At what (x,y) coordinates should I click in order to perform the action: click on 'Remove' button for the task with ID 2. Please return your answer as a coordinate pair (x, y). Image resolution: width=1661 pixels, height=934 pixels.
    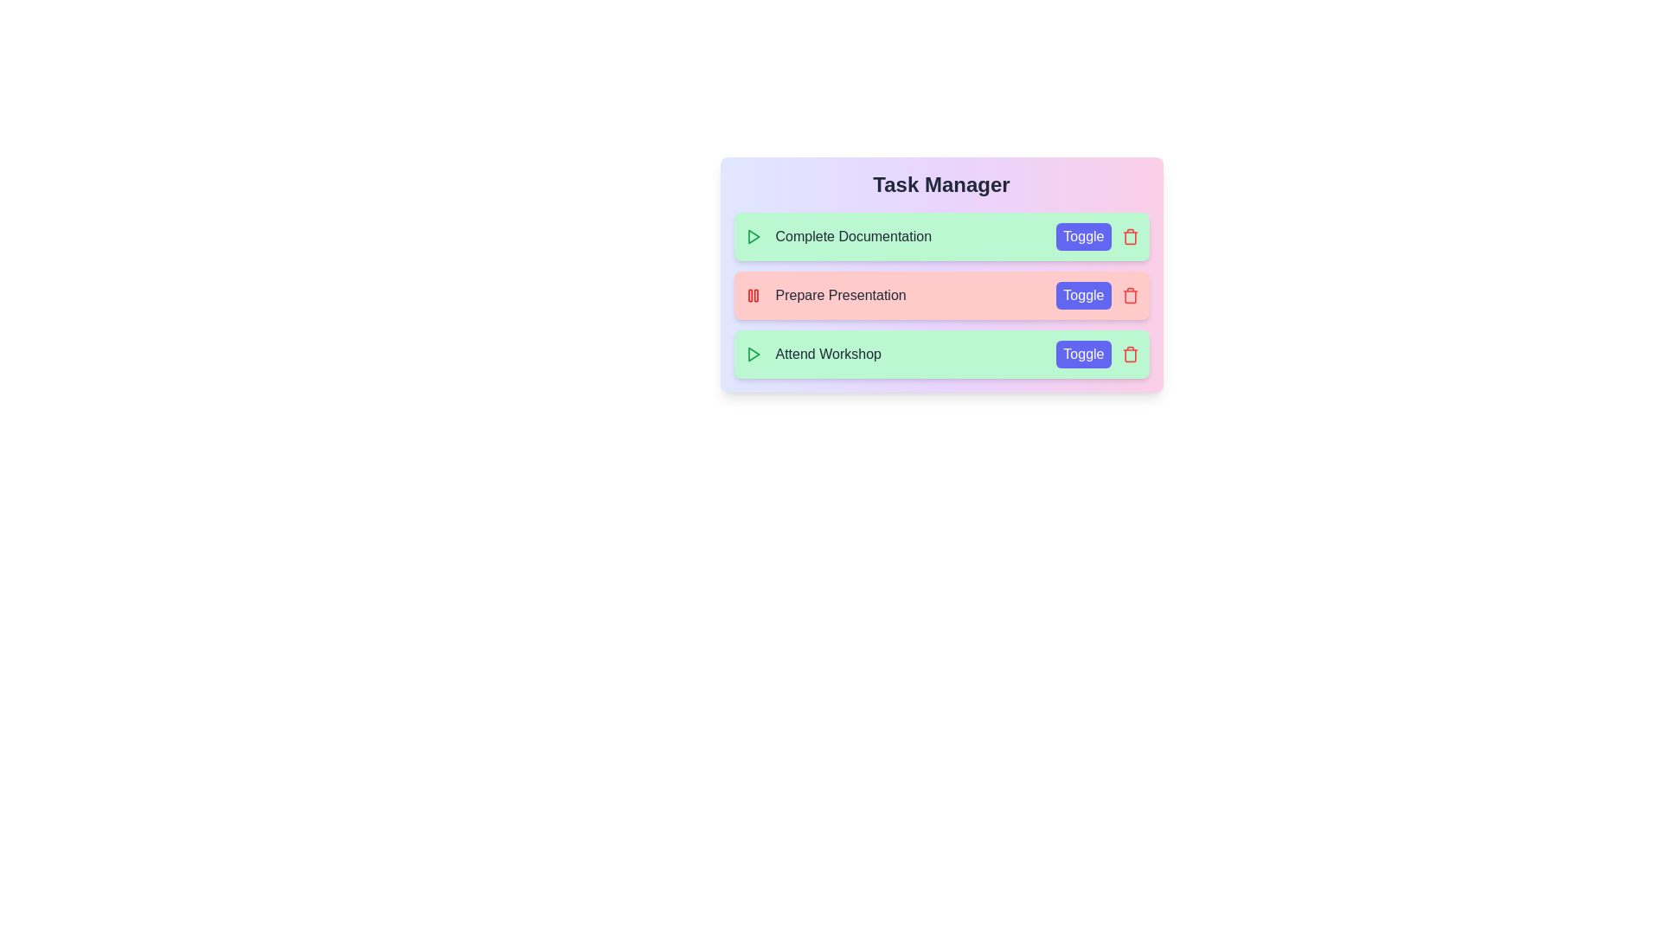
    Looking at the image, I should click on (1130, 295).